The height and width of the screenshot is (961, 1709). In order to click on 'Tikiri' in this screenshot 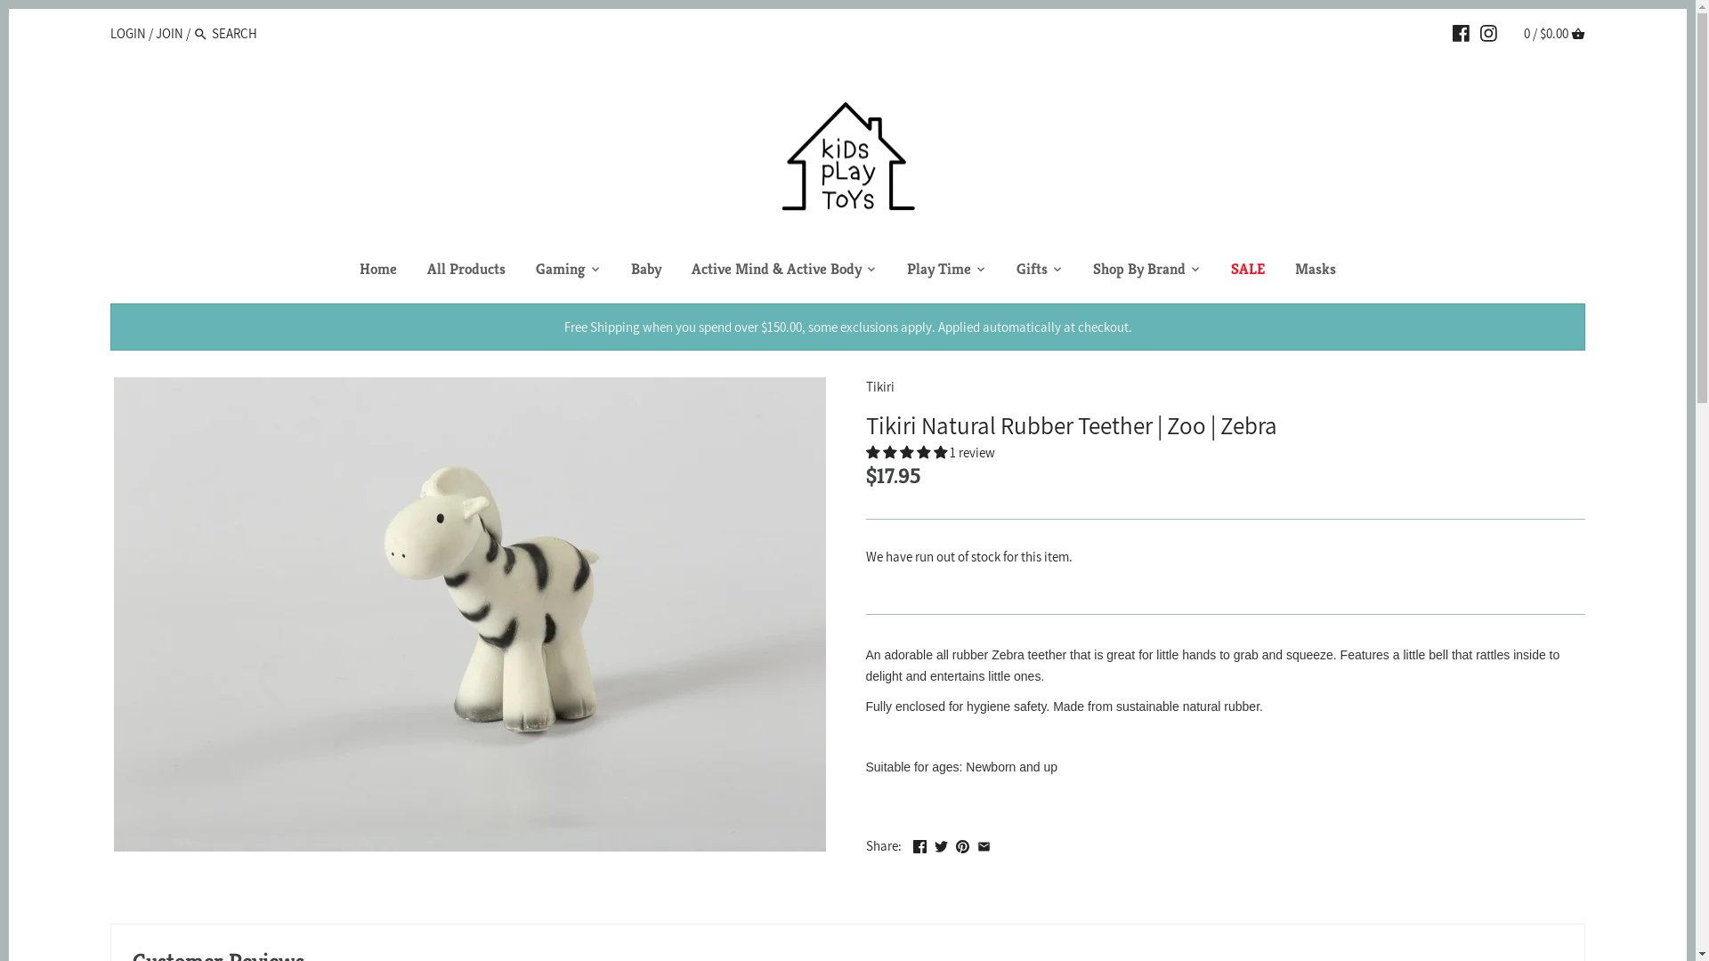, I will do `click(864, 385)`.